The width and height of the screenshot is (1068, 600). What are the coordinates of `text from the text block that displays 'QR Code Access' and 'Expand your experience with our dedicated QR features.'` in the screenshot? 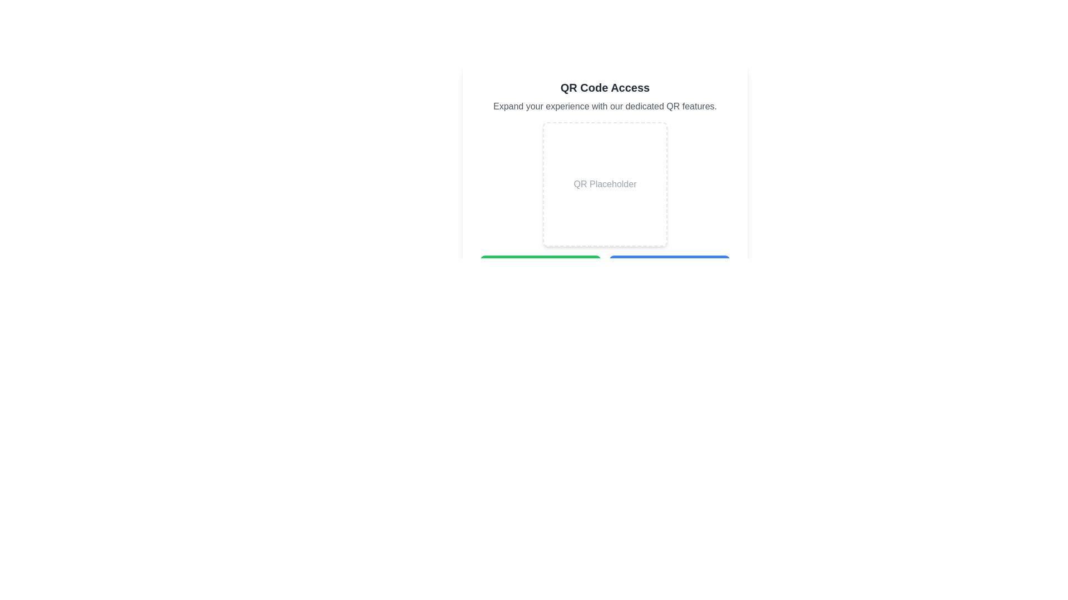 It's located at (605, 96).